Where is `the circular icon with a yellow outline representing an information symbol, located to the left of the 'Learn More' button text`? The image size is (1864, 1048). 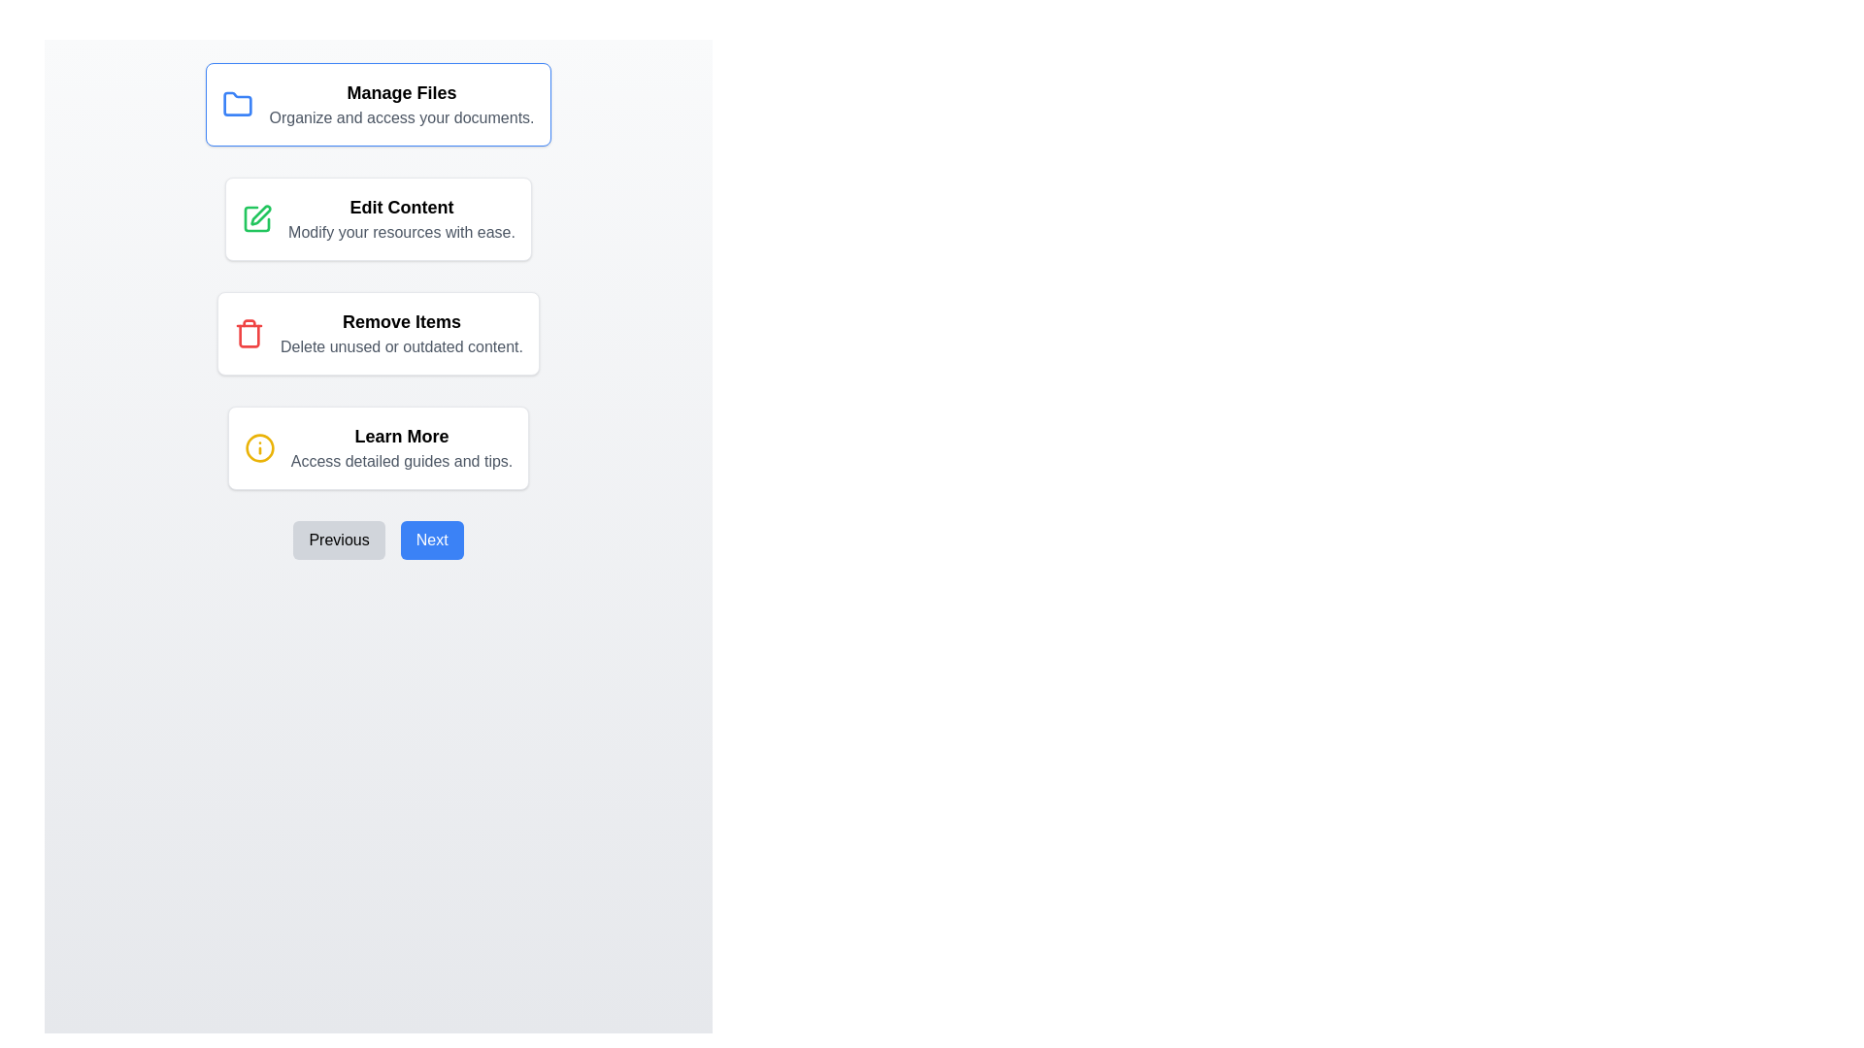
the circular icon with a yellow outline representing an information symbol, located to the left of the 'Learn More' button text is located at coordinates (258, 448).